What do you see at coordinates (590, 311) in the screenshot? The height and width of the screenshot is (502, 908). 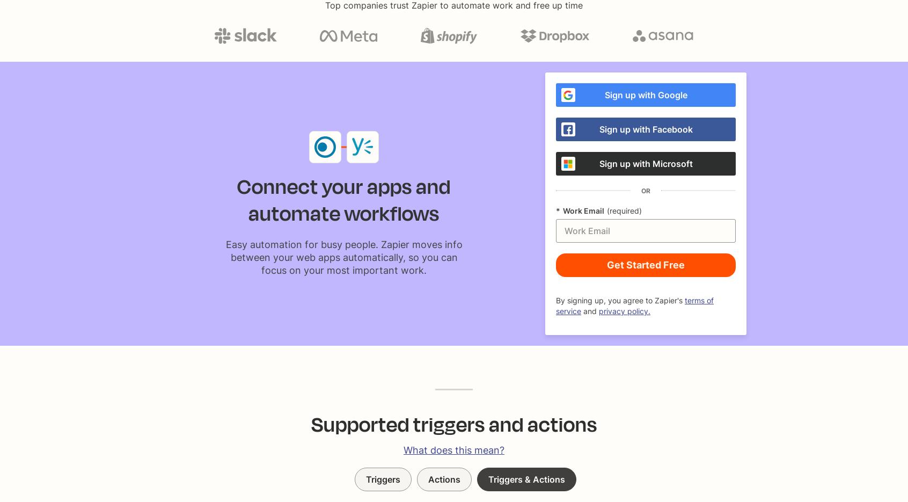 I see `'and'` at bounding box center [590, 311].